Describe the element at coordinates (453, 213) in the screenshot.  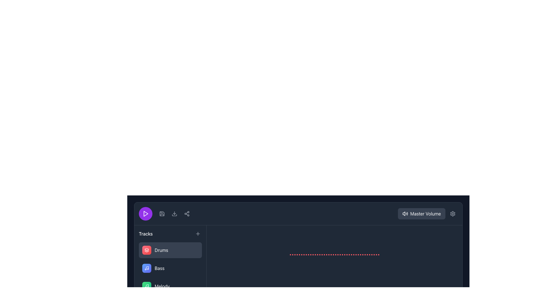
I see `the gear-shaped icon button located adjacent to the 'Master Volume' button` at that location.